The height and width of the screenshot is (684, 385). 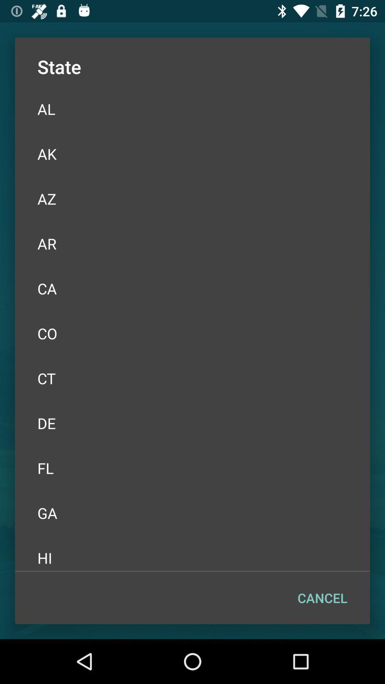 I want to click on item below the ak icon, so click(x=192, y=198).